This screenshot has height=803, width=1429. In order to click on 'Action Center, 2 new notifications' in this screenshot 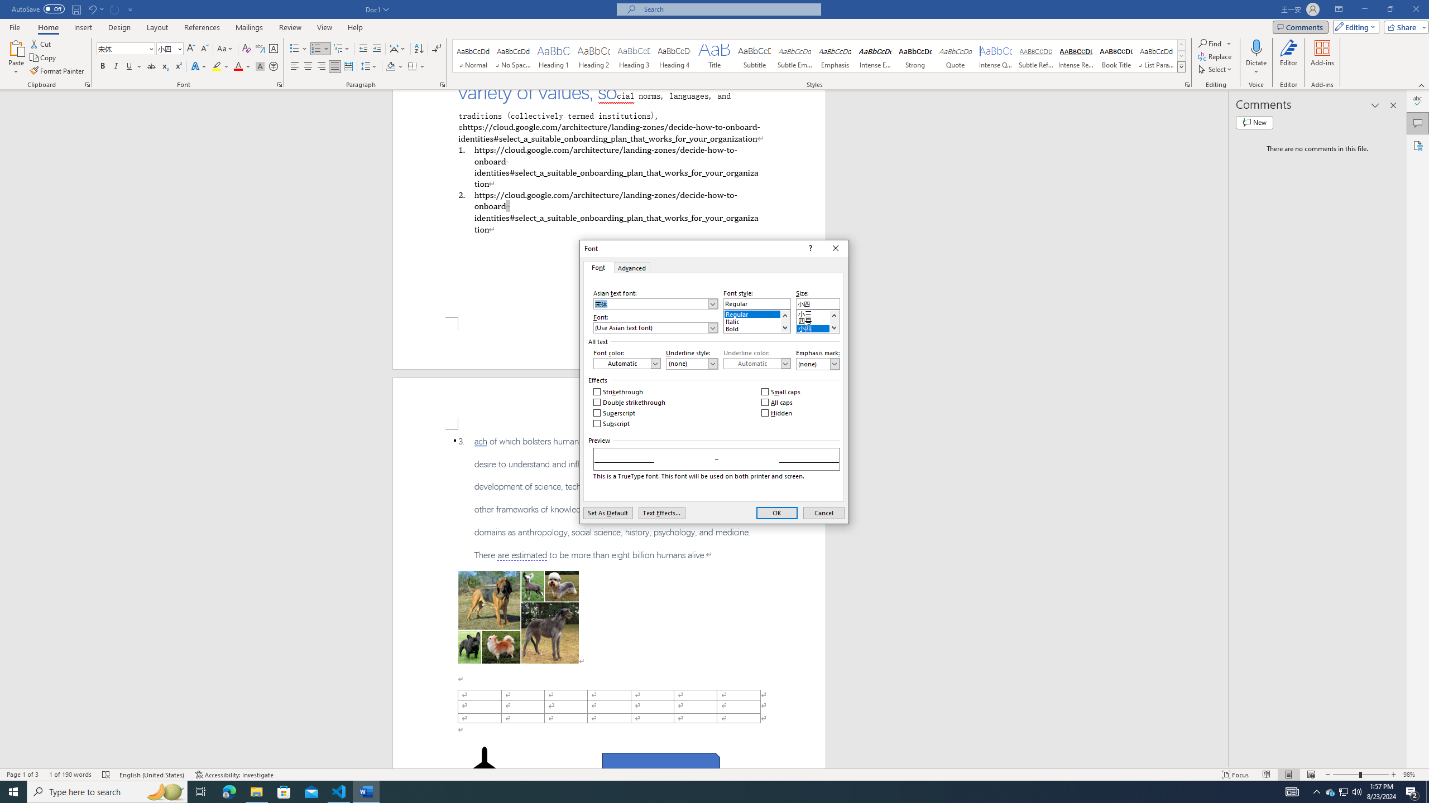, I will do `click(1412, 791)`.